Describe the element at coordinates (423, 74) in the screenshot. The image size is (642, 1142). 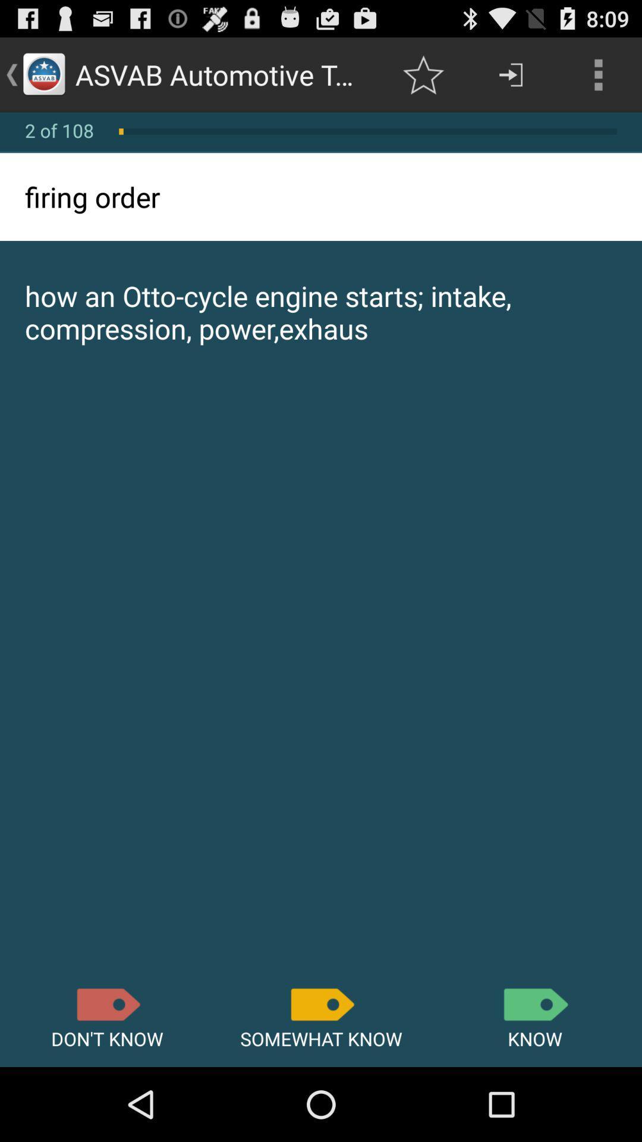
I see `the item next to asvab automotive terminologies item` at that location.